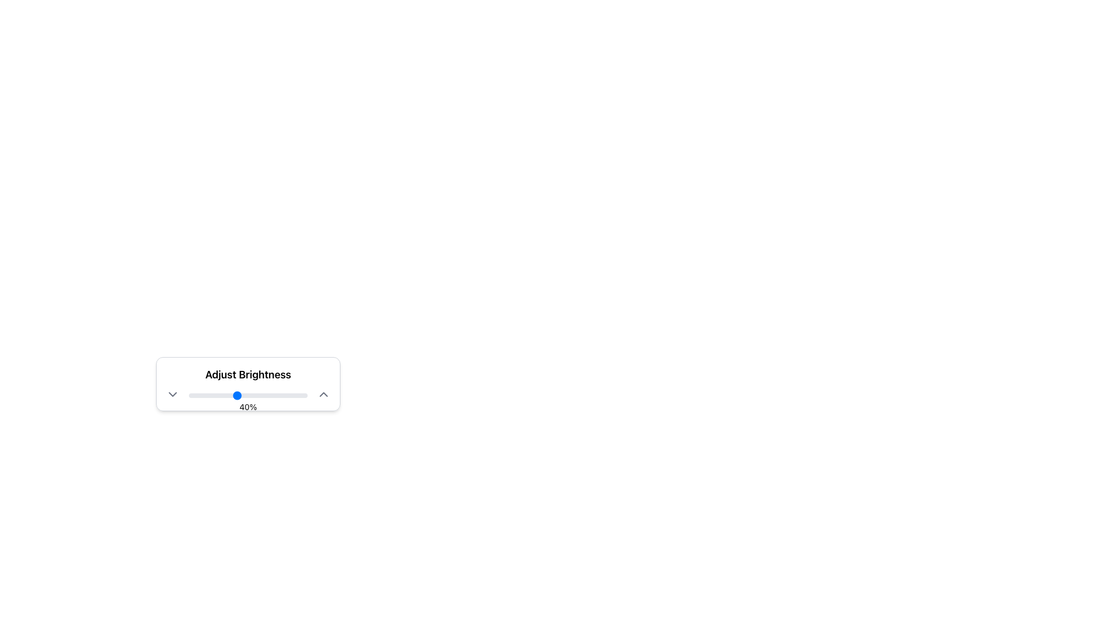 The height and width of the screenshot is (622, 1106). Describe the element at coordinates (248, 394) in the screenshot. I see `the range slider component for brightness adjustment, which is centrally located and currently set to 40%` at that location.